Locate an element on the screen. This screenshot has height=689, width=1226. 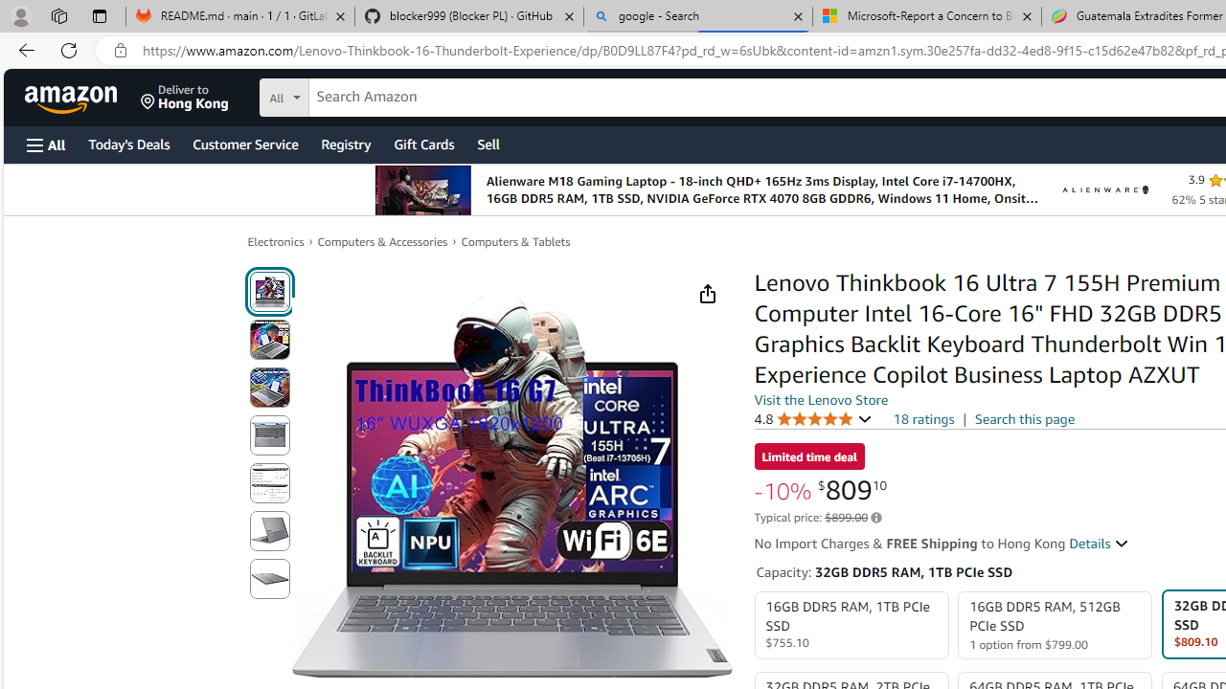
'Registry' is located at coordinates (345, 143).